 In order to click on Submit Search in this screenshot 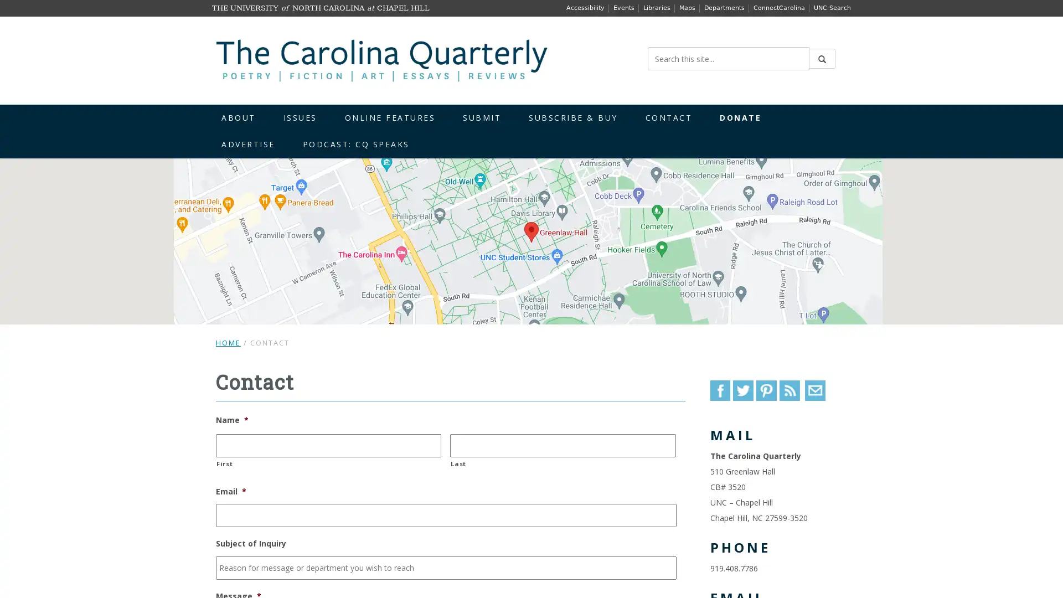, I will do `click(822, 58)`.